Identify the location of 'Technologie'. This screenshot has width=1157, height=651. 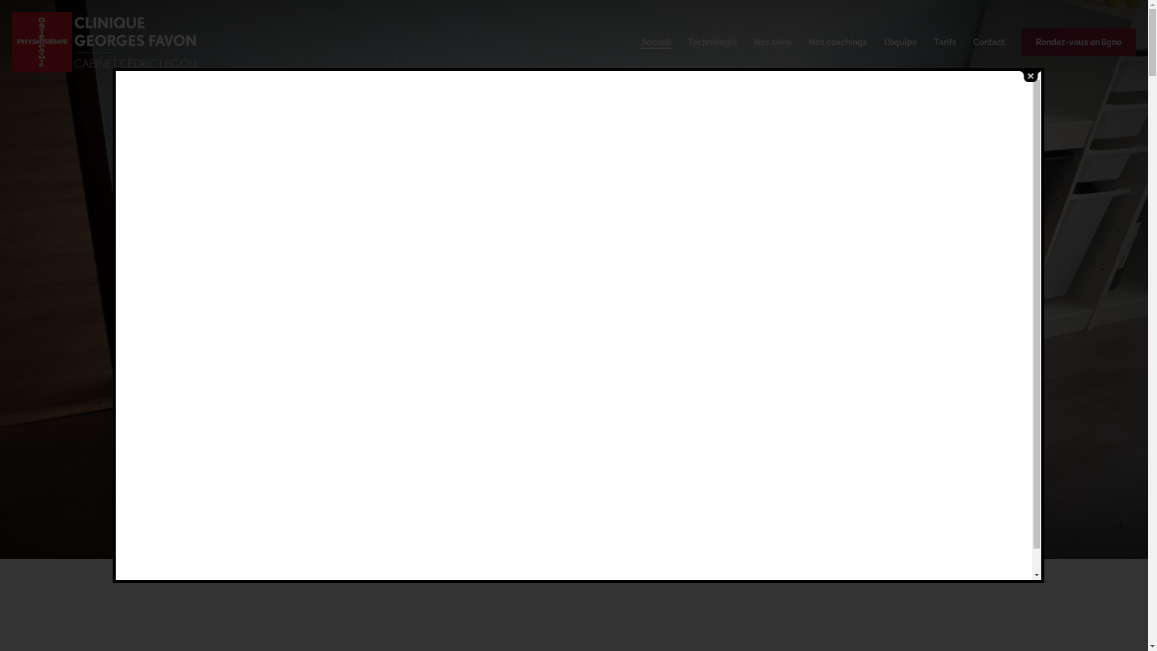
(688, 41).